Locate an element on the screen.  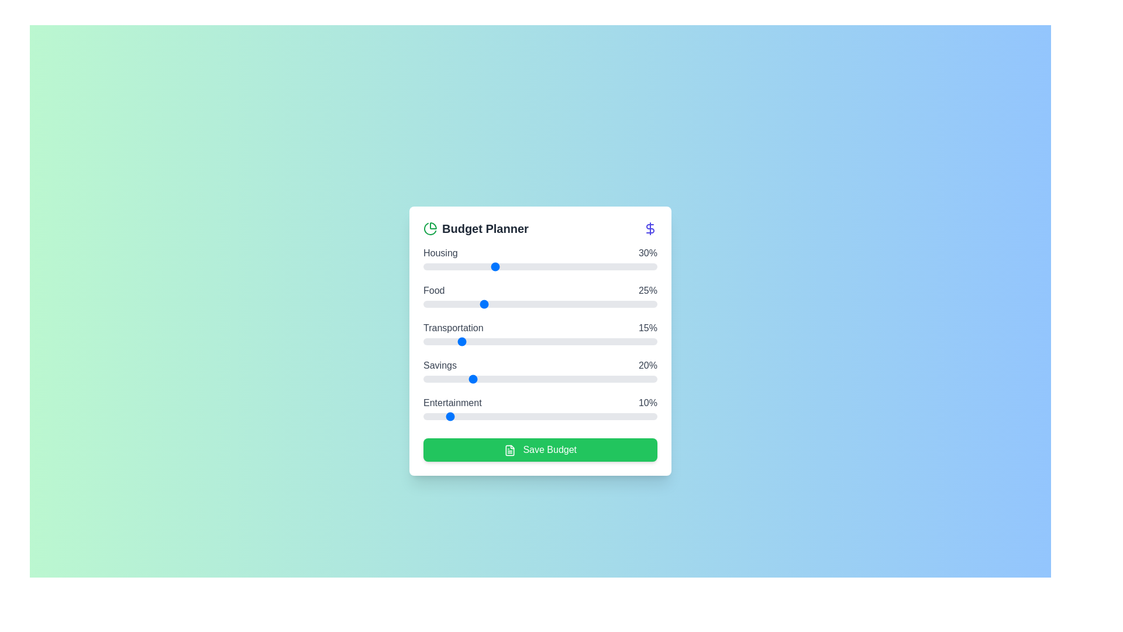
the 'Savings' slider to 26% allocation is located at coordinates (484, 379).